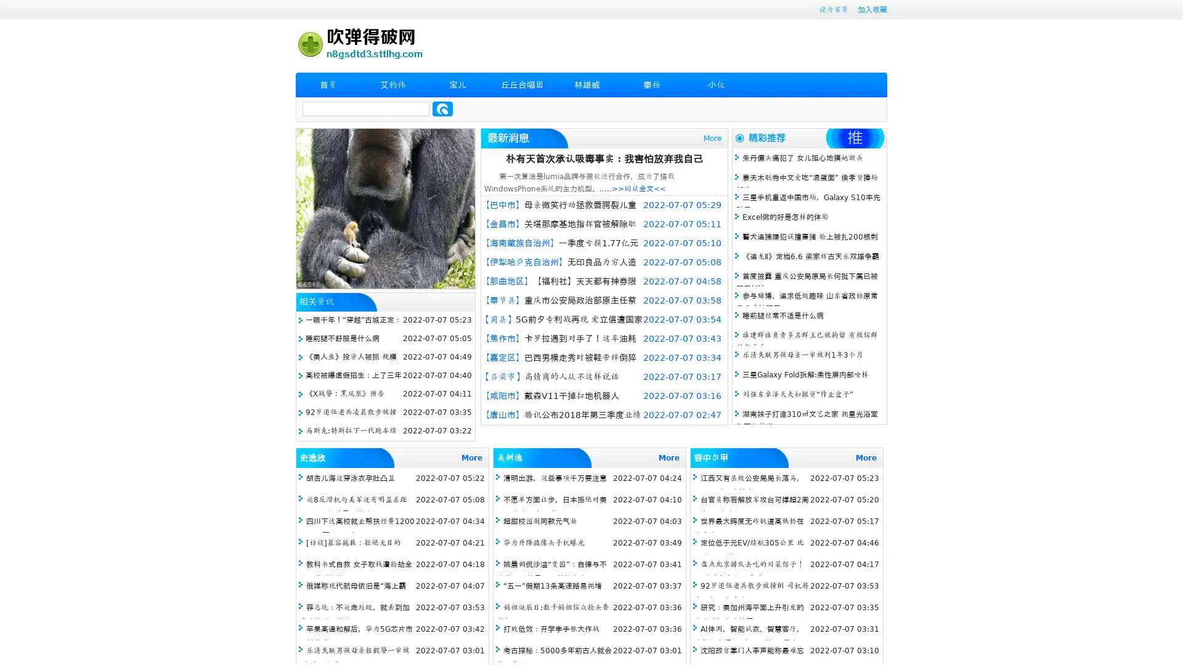 The height and width of the screenshot is (665, 1183). I want to click on Search, so click(442, 108).